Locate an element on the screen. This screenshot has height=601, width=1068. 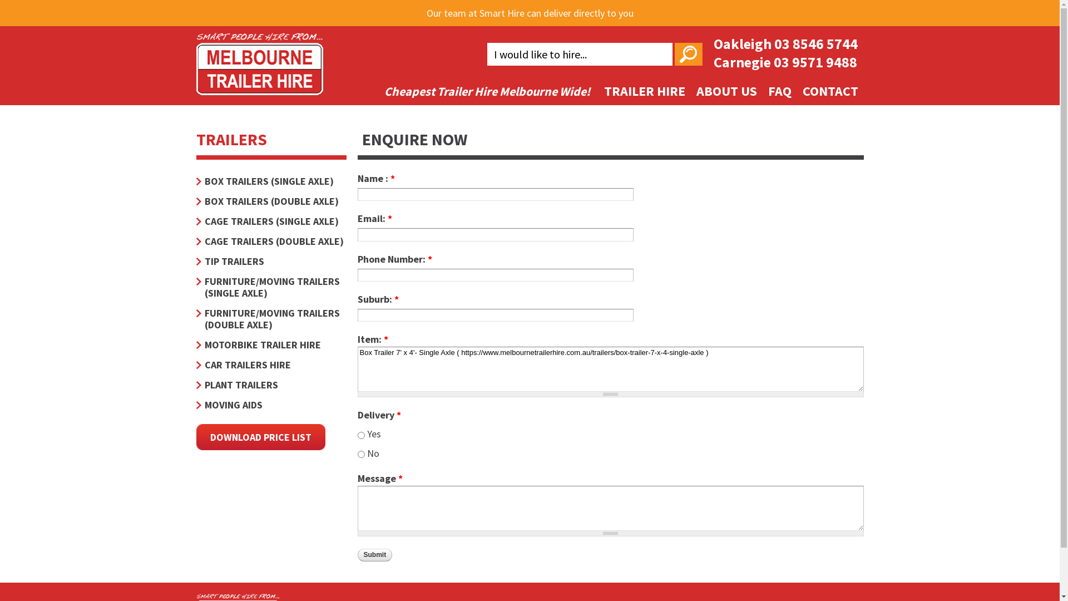
'03 8546 5744' is located at coordinates (816, 43).